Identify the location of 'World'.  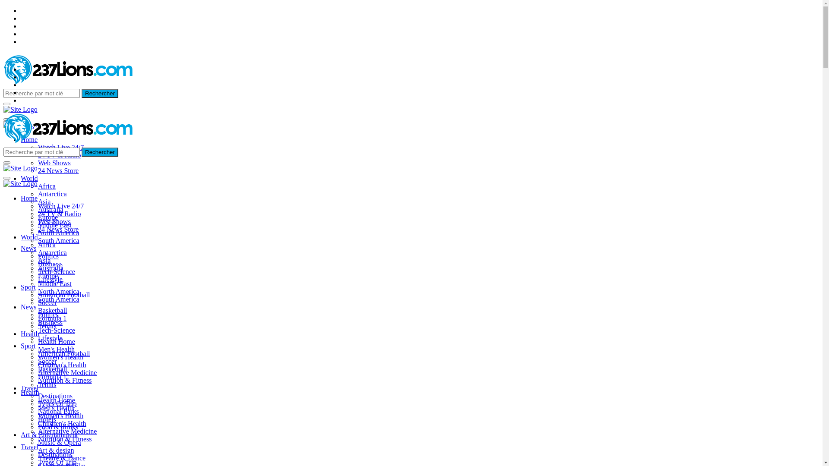
(29, 178).